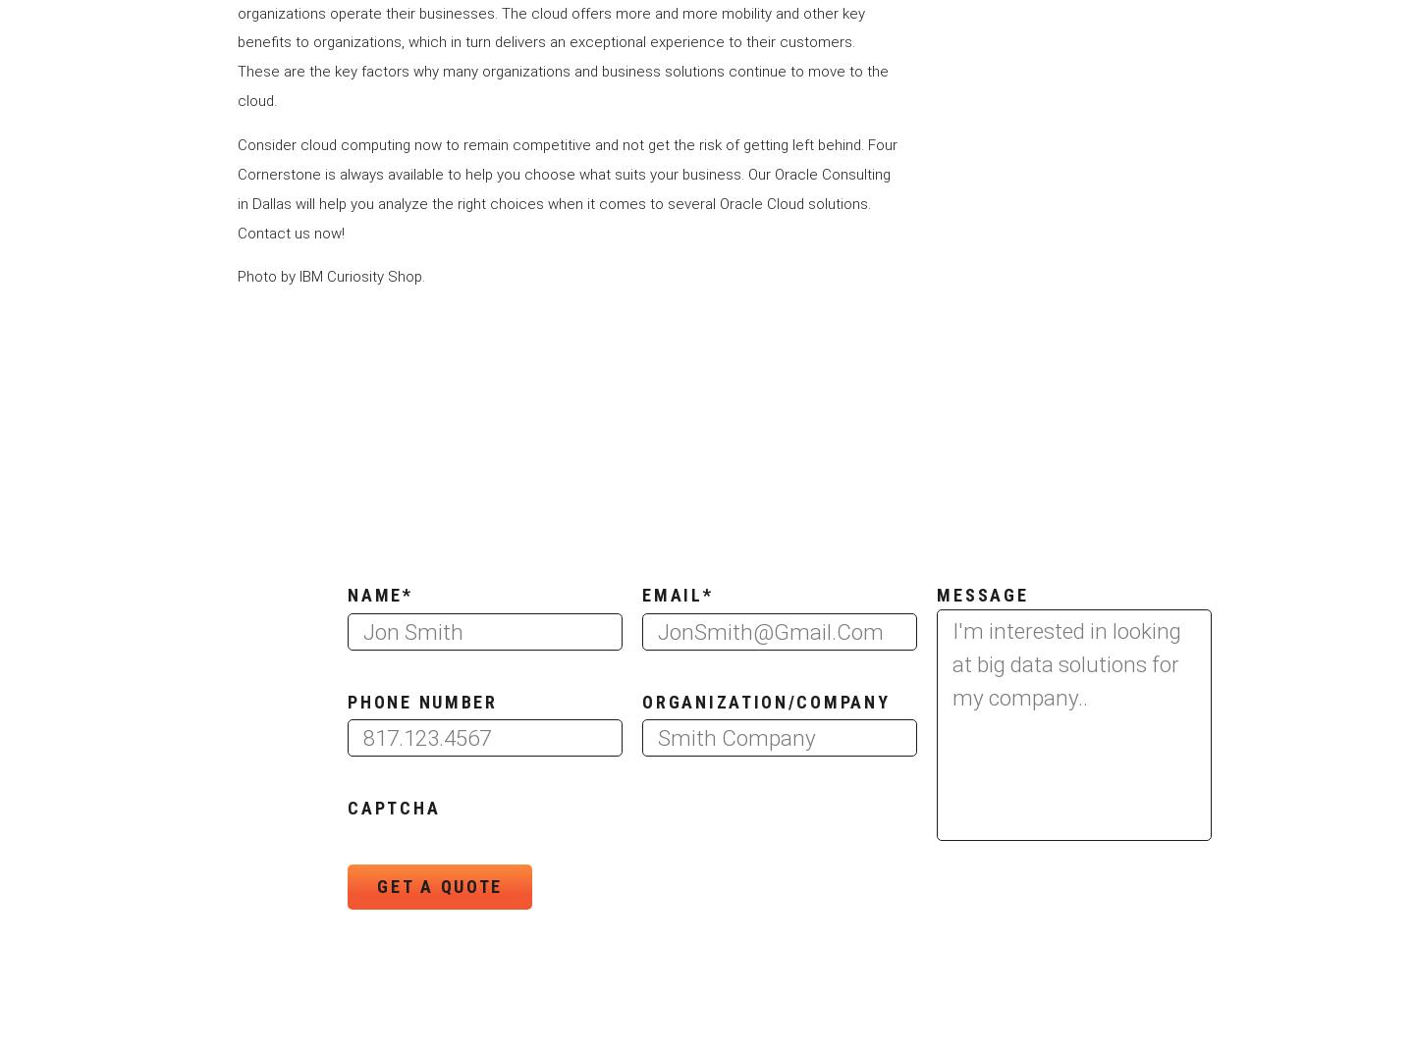  What do you see at coordinates (266, 275) in the screenshot?
I see `'Photo by'` at bounding box center [266, 275].